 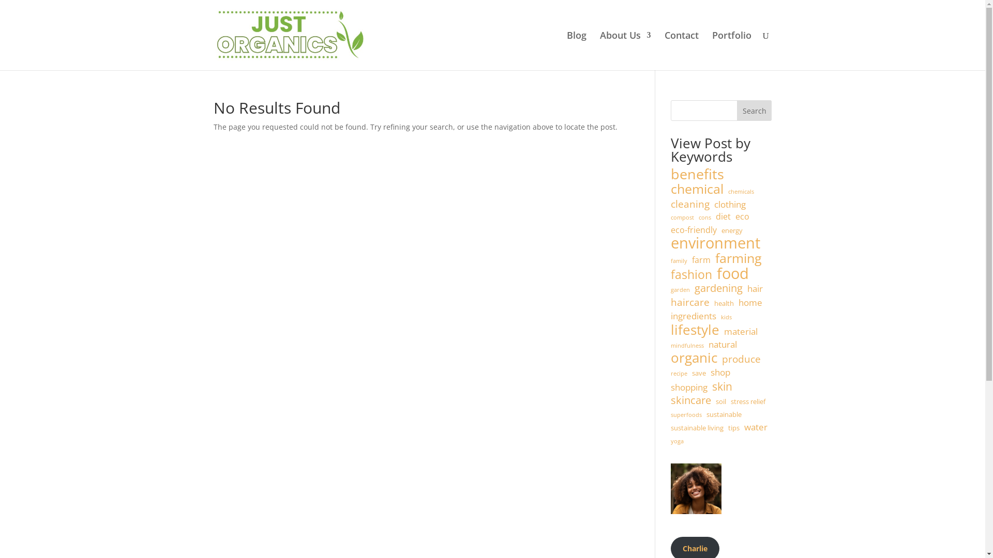 I want to click on 'water', so click(x=756, y=427).